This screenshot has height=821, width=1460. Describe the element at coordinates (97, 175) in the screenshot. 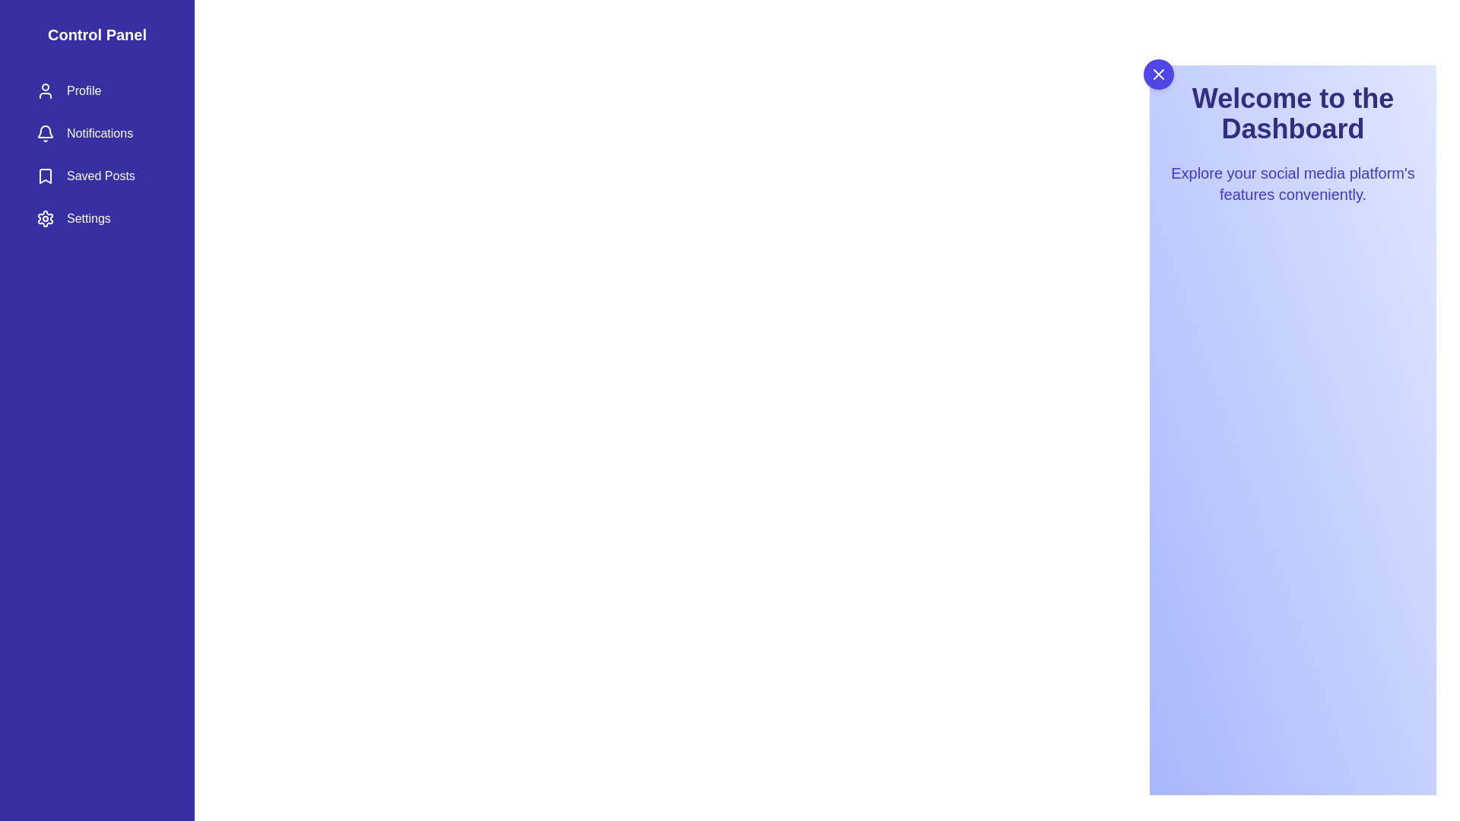

I see `the Saved Posts section in the drawer` at that location.